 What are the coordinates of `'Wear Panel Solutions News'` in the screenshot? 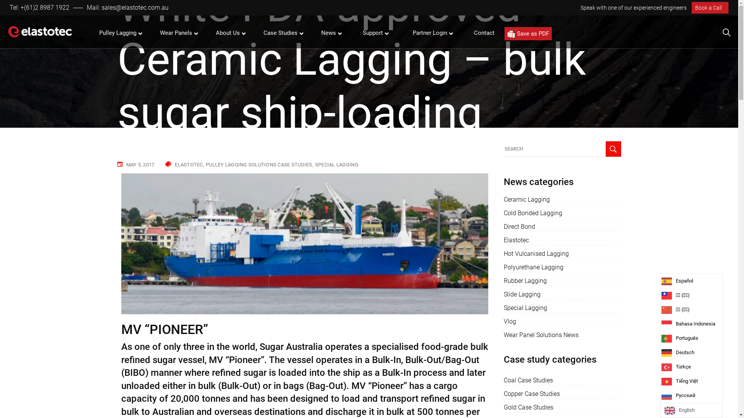 It's located at (541, 335).